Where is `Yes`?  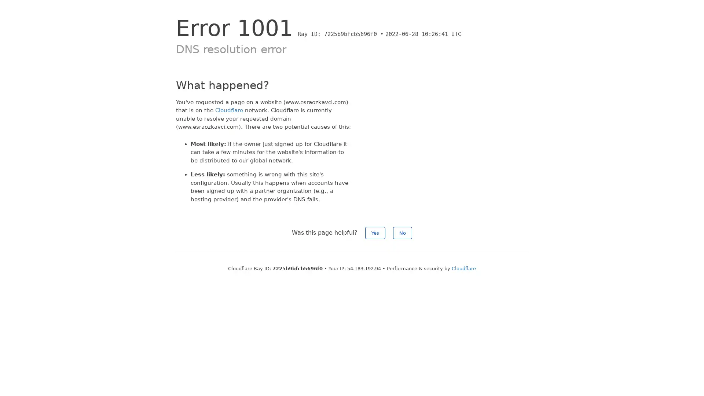 Yes is located at coordinates (375, 233).